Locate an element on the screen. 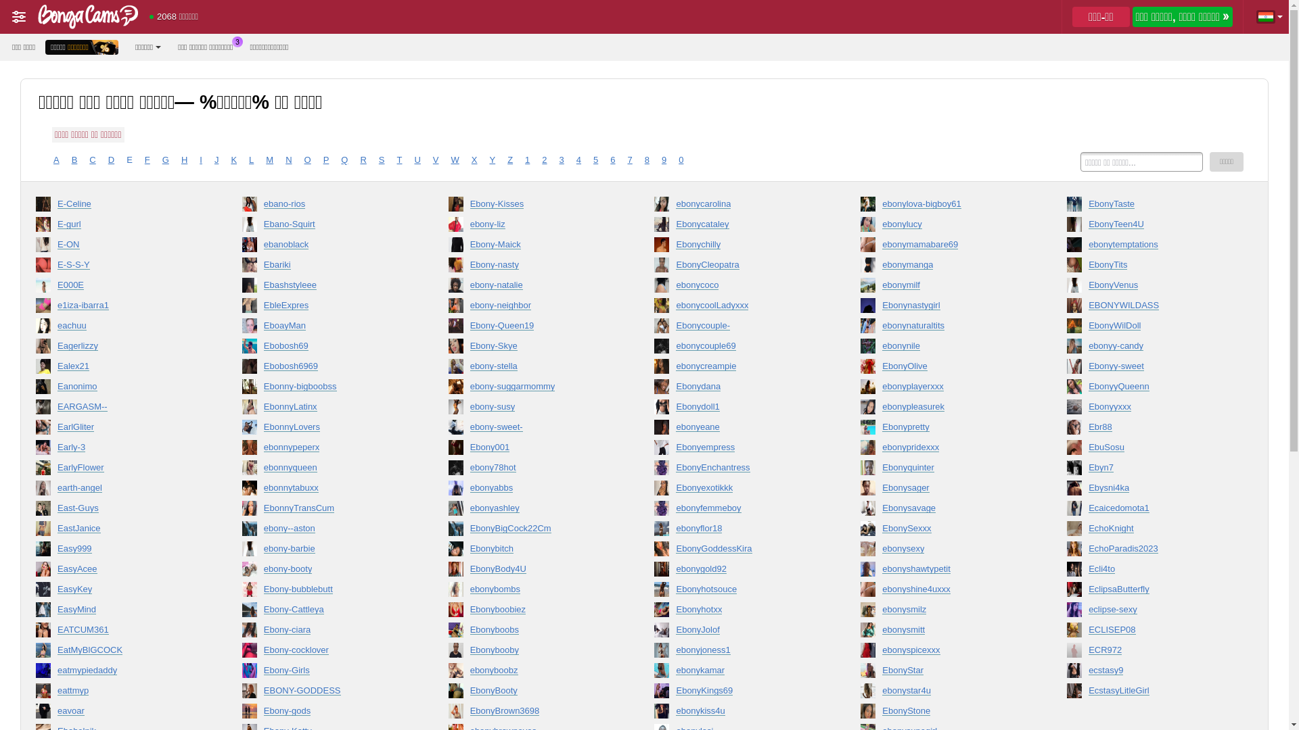 Image resolution: width=1299 pixels, height=730 pixels. 'EbonyJolof' is located at coordinates (737, 633).